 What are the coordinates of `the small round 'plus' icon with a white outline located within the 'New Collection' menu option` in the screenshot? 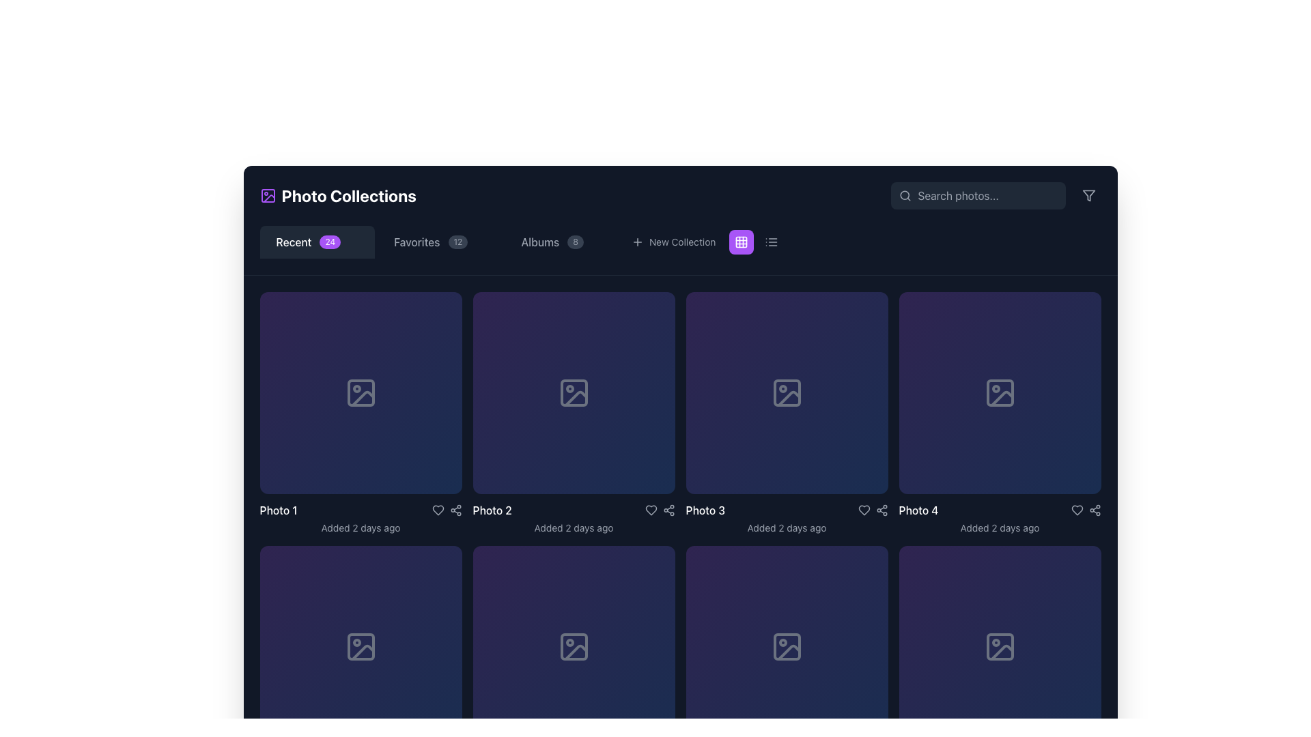 It's located at (636, 241).